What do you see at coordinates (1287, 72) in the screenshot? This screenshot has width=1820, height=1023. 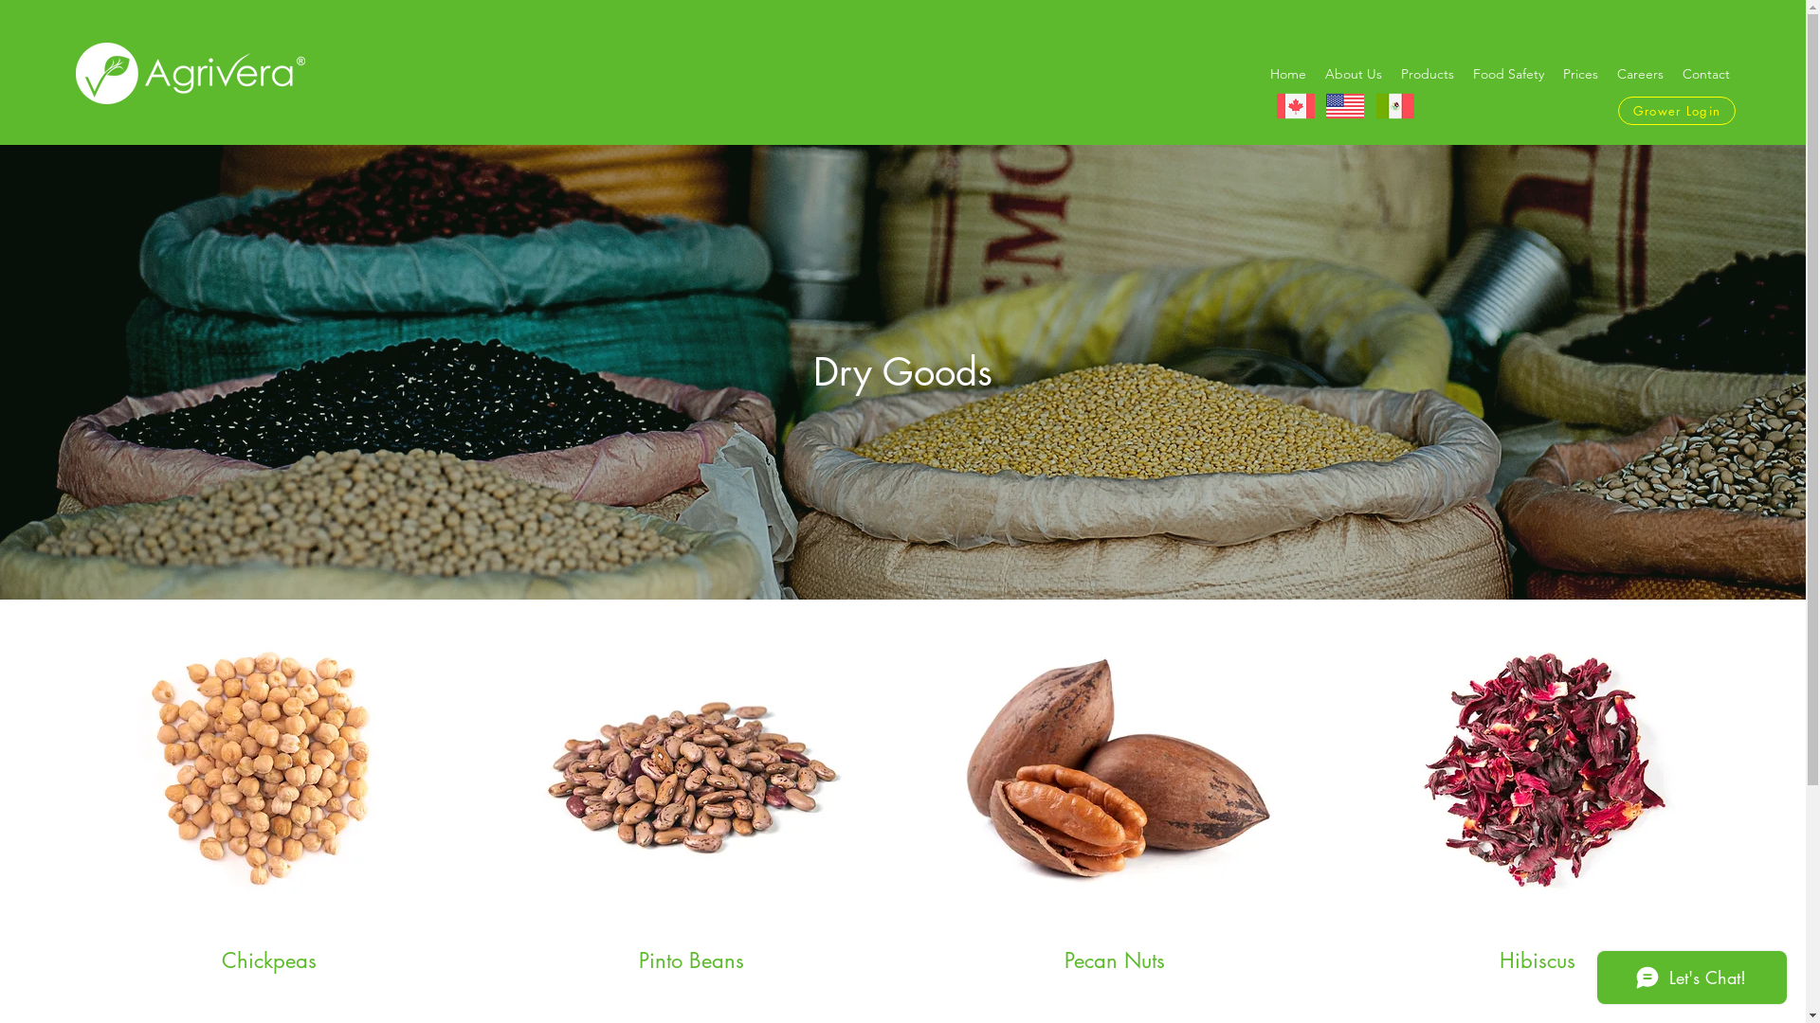 I see `'Home'` at bounding box center [1287, 72].